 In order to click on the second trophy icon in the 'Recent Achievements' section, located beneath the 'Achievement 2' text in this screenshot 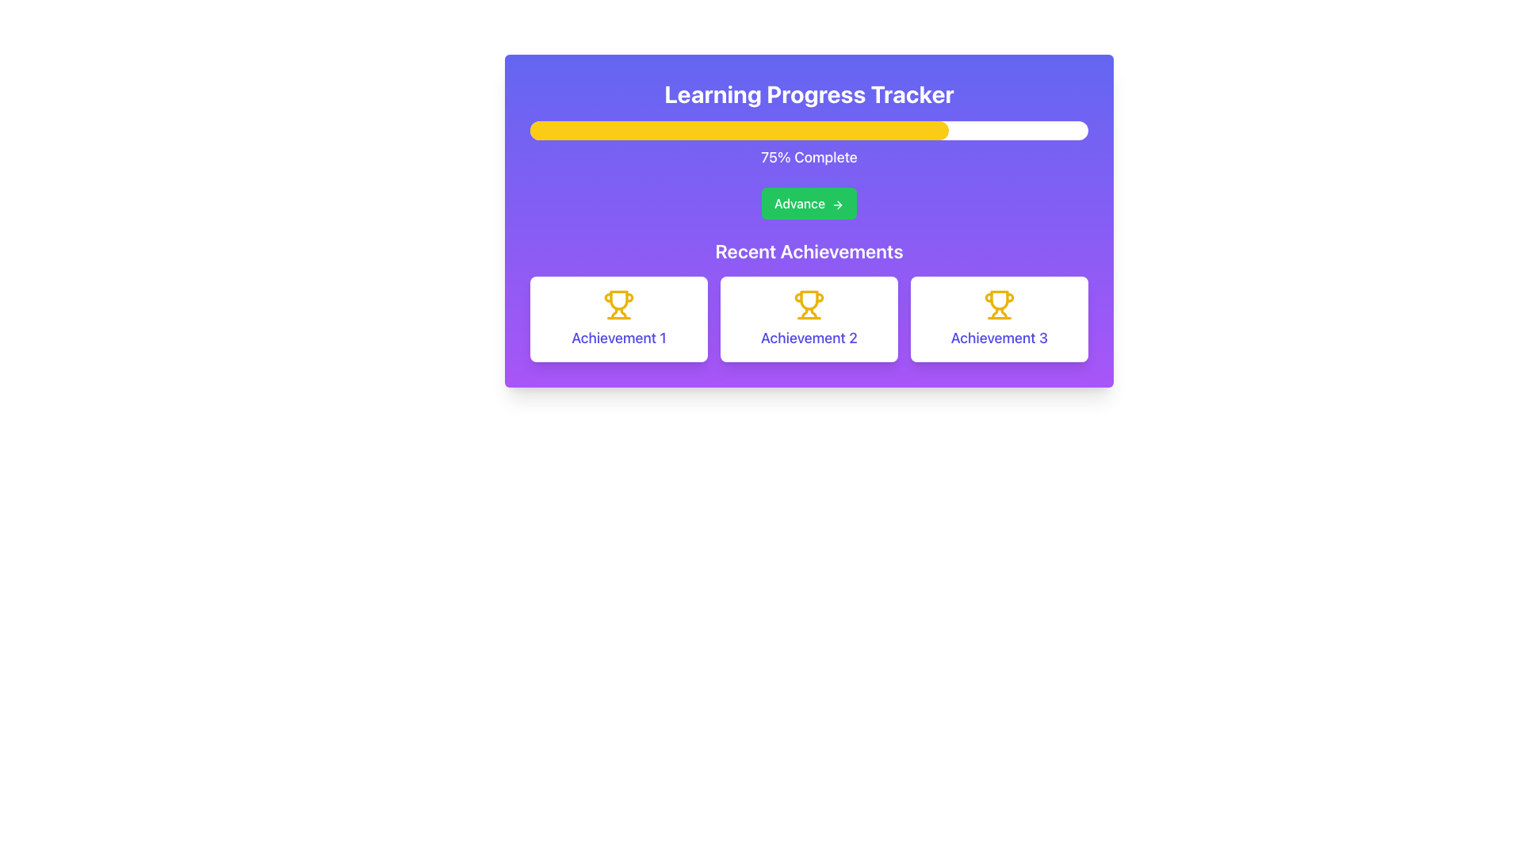, I will do `click(809, 300)`.